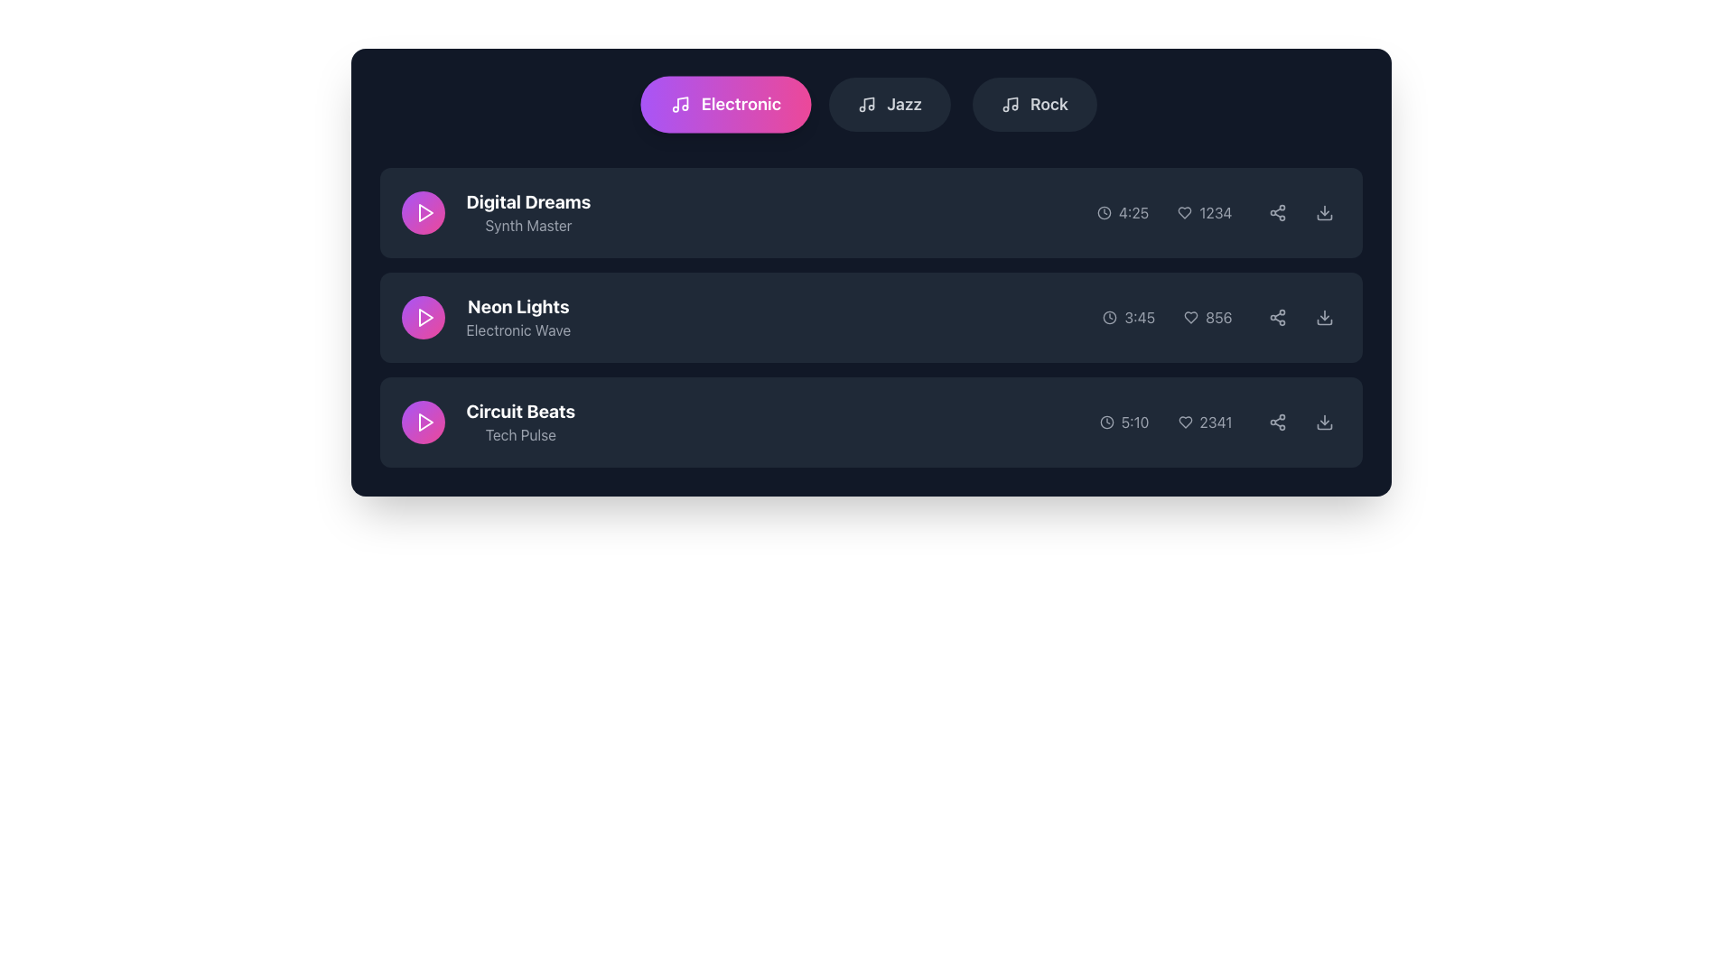 This screenshot has width=1734, height=975. I want to click on the circular button with a download icon located in the third column of the second row, so click(1324, 316).